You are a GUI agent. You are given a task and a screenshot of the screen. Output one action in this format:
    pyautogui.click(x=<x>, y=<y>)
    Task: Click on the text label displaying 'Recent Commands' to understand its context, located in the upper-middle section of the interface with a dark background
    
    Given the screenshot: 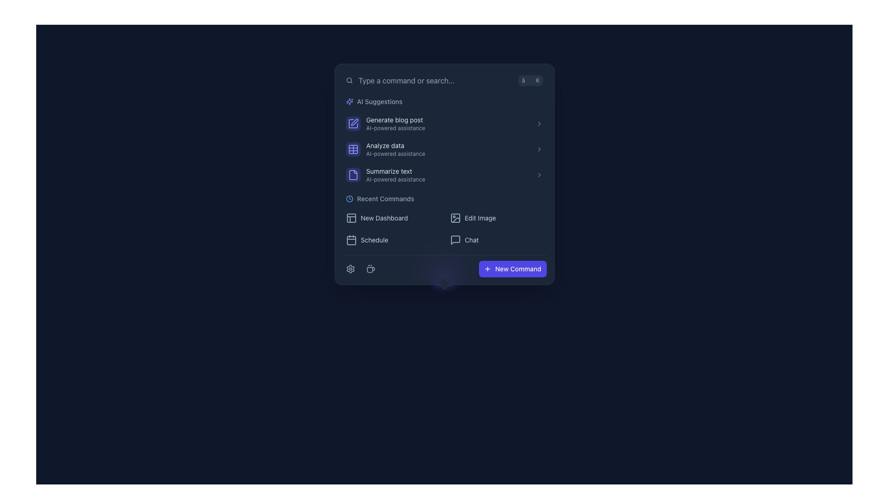 What is the action you would take?
    pyautogui.click(x=385, y=198)
    